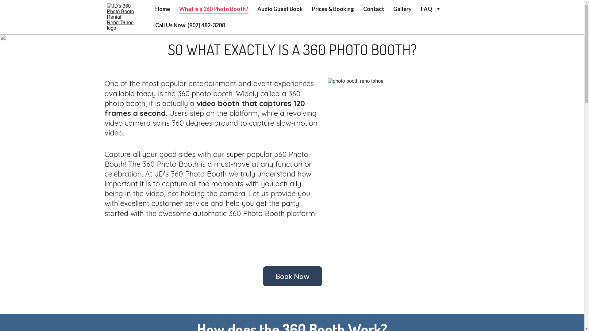 The image size is (589, 331). What do you see at coordinates (263, 276) in the screenshot?
I see `'Book Now'` at bounding box center [263, 276].